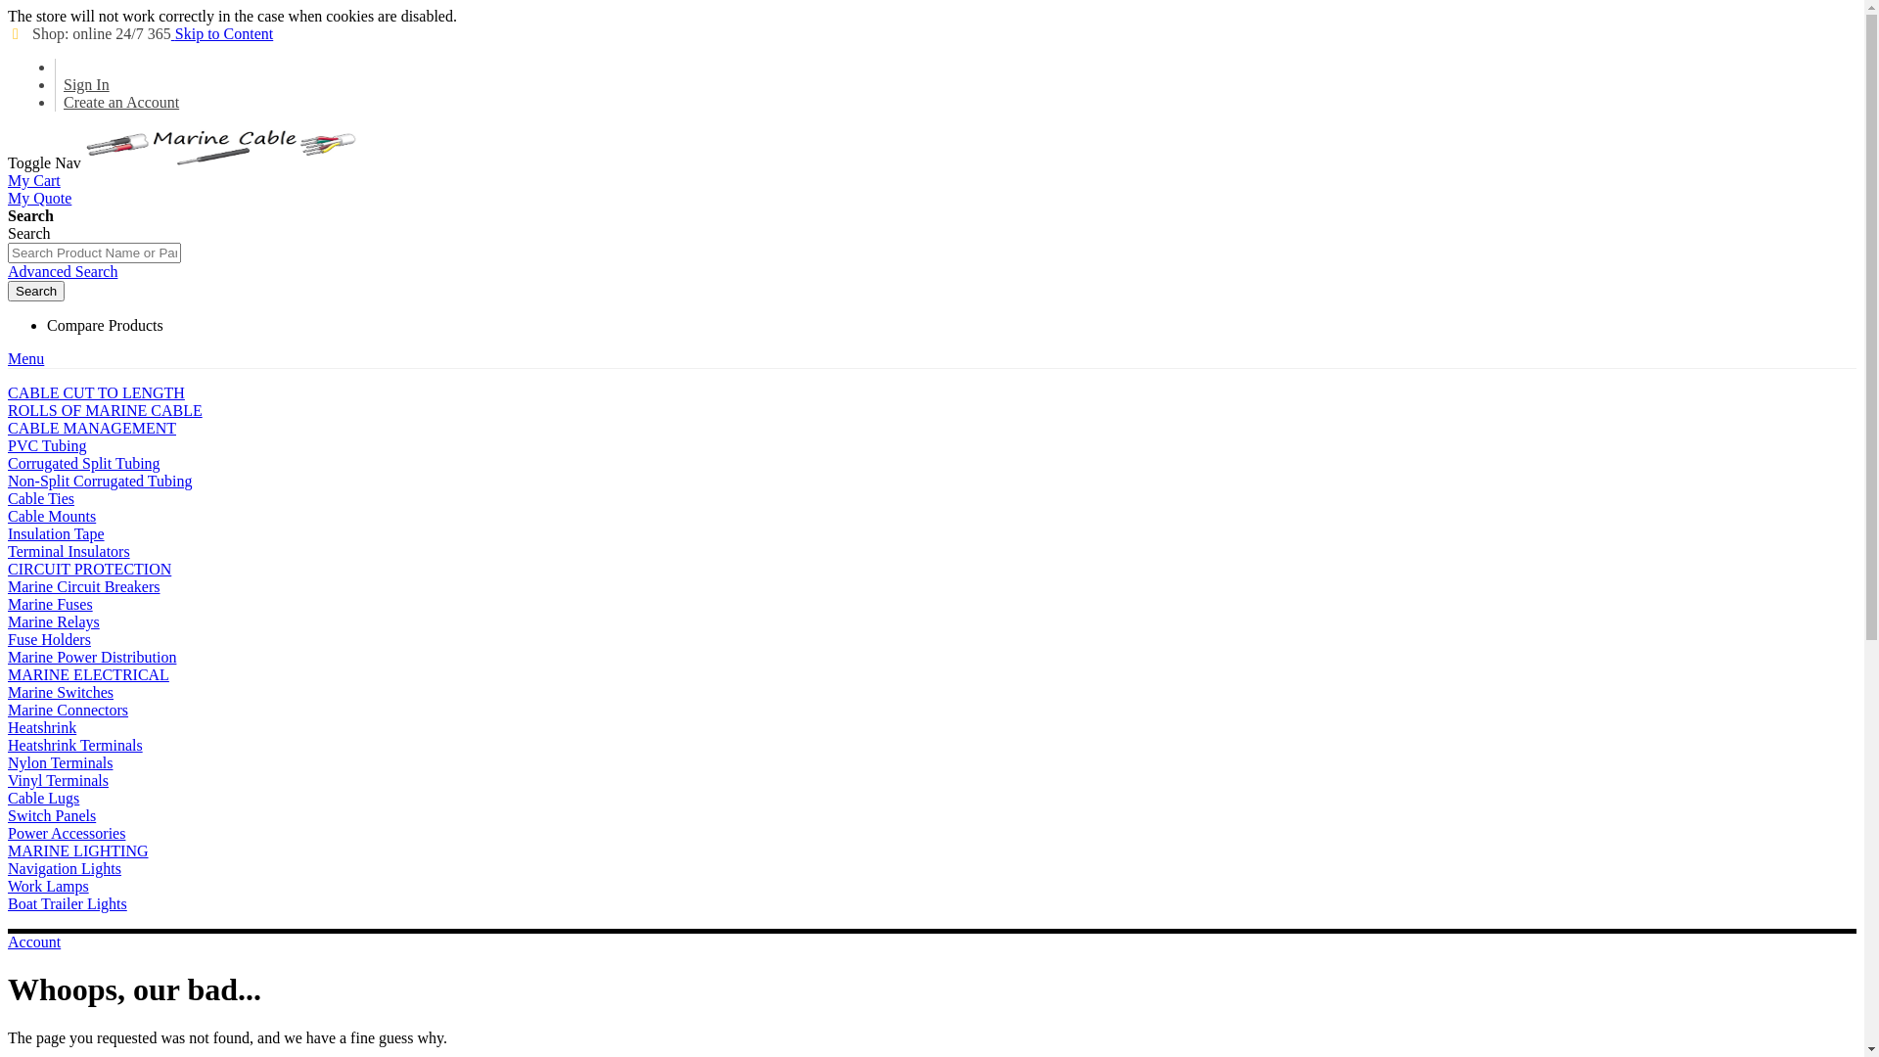 This screenshot has width=1879, height=1057. Describe the element at coordinates (51, 515) in the screenshot. I see `'Cable Mounts'` at that location.